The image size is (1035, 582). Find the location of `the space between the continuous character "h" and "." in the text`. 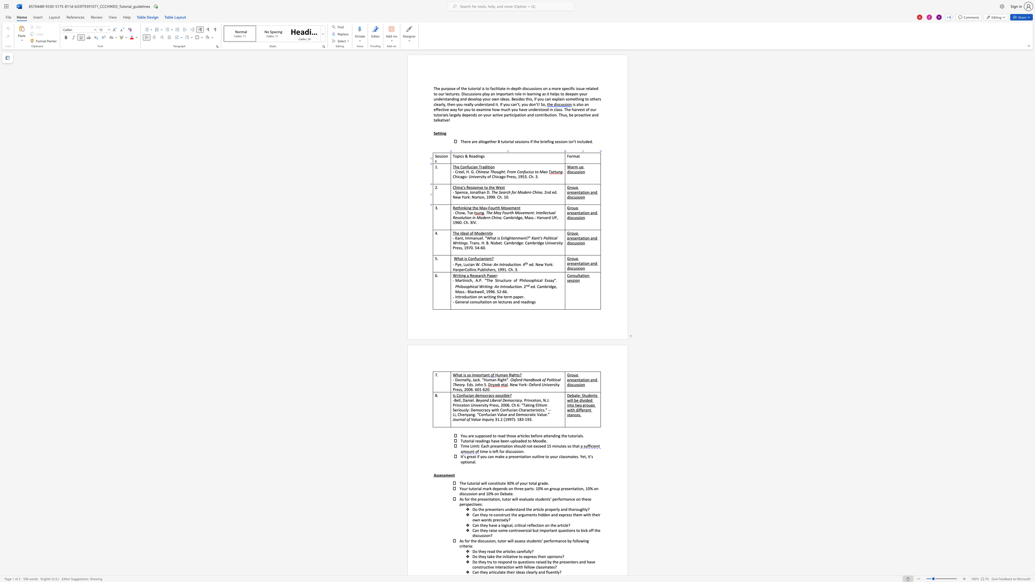

the space between the continuous character "h" and "." in the text is located at coordinates (468, 222).